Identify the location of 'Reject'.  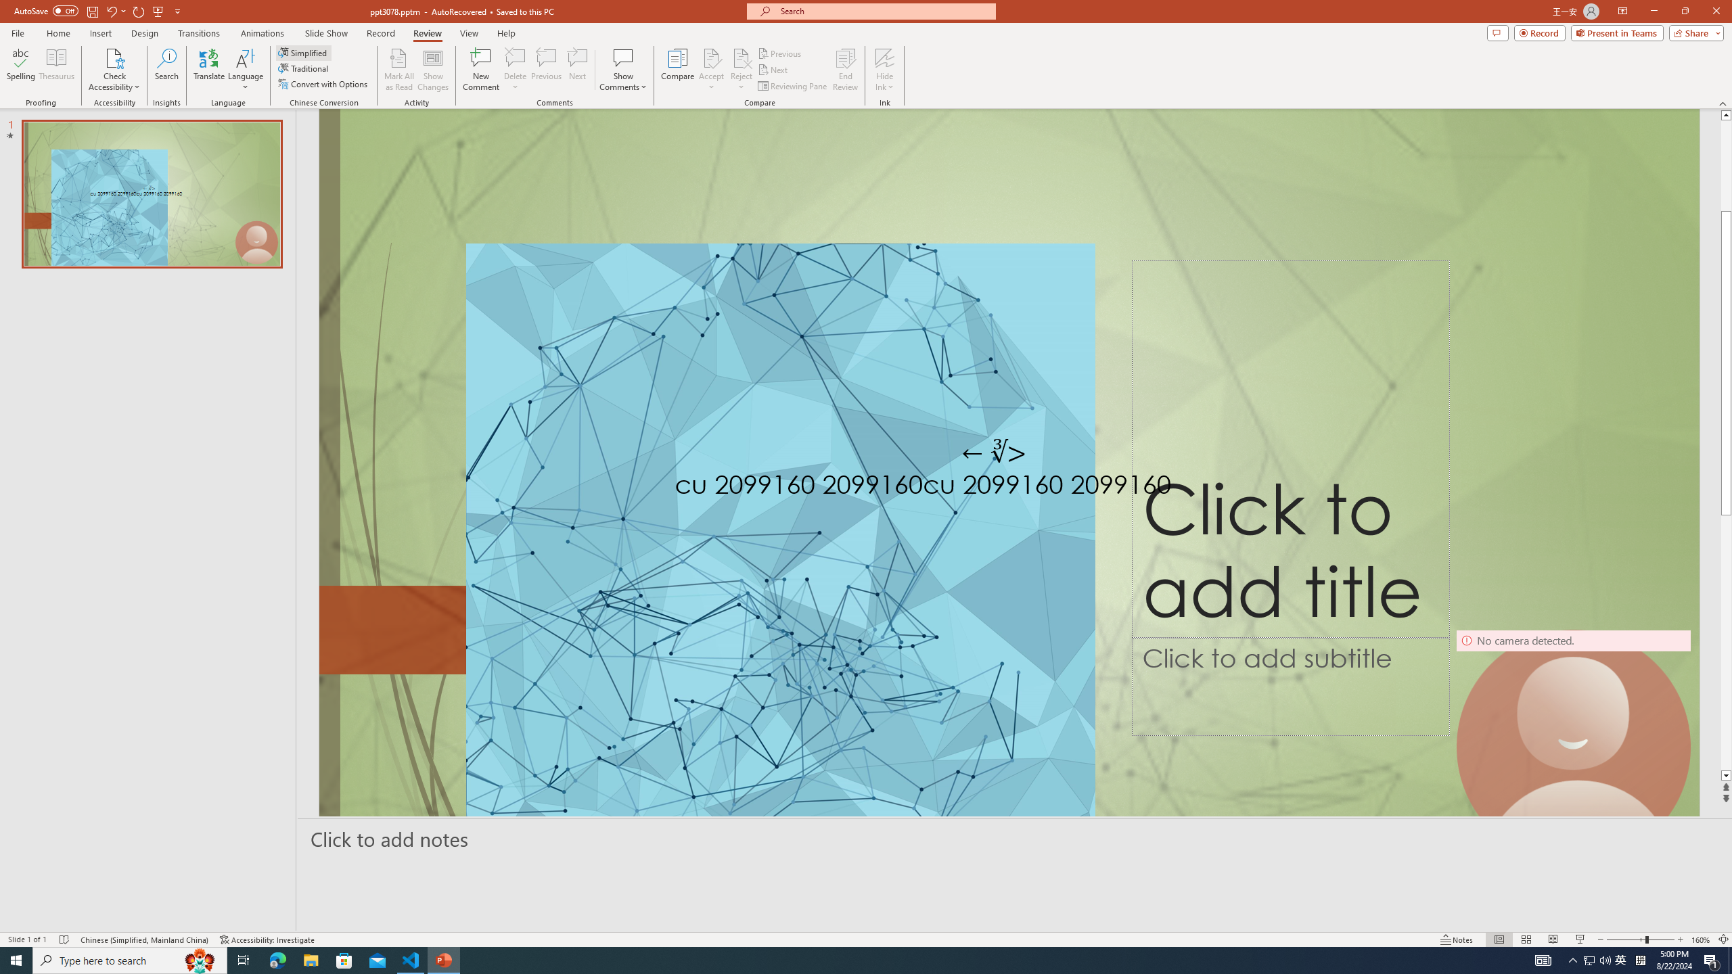
(740, 70).